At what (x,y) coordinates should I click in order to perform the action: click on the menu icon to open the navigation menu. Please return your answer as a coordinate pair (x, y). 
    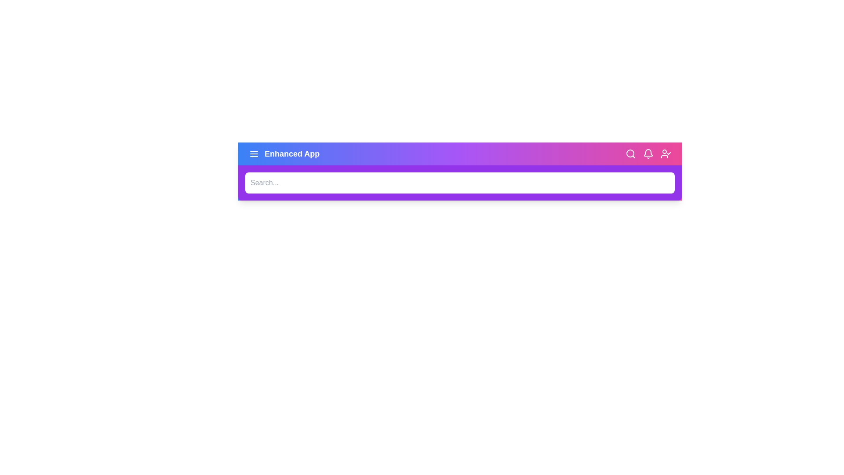
    Looking at the image, I should click on (253, 153).